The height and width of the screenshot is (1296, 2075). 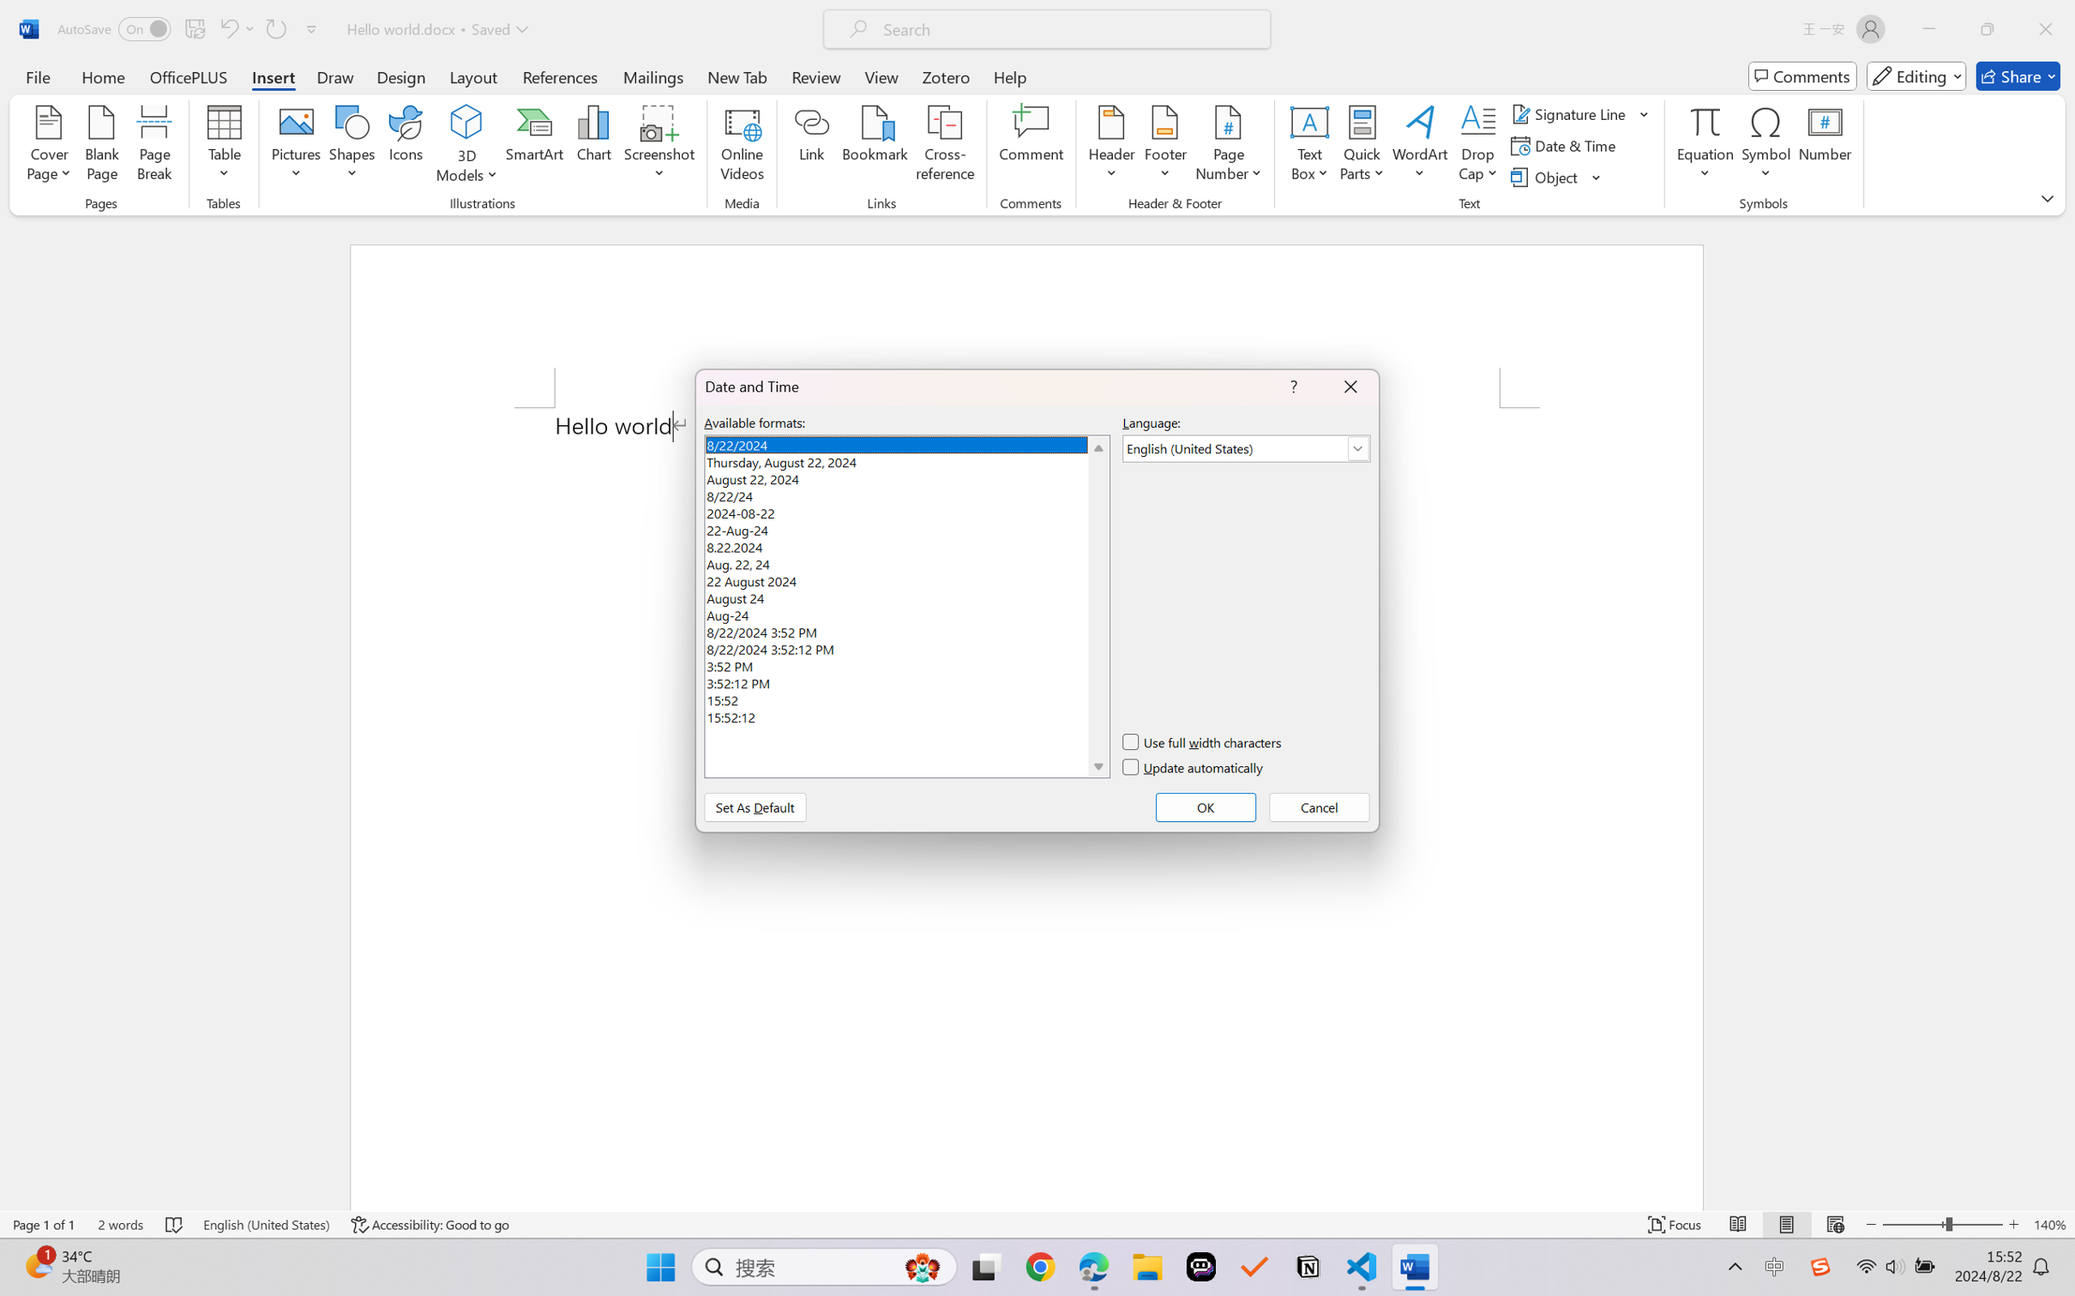 I want to click on '3D Models', so click(x=466, y=123).